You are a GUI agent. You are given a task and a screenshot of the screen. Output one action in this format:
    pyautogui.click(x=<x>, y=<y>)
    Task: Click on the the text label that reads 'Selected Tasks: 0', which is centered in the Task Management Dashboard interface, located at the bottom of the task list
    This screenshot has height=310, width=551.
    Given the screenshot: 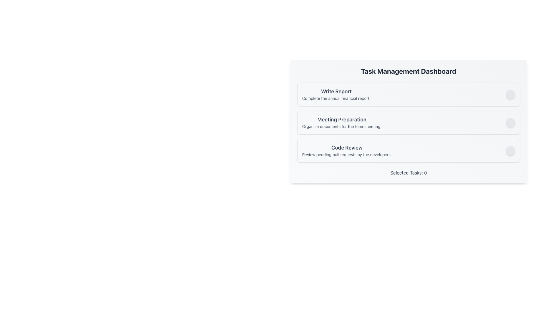 What is the action you would take?
    pyautogui.click(x=408, y=172)
    